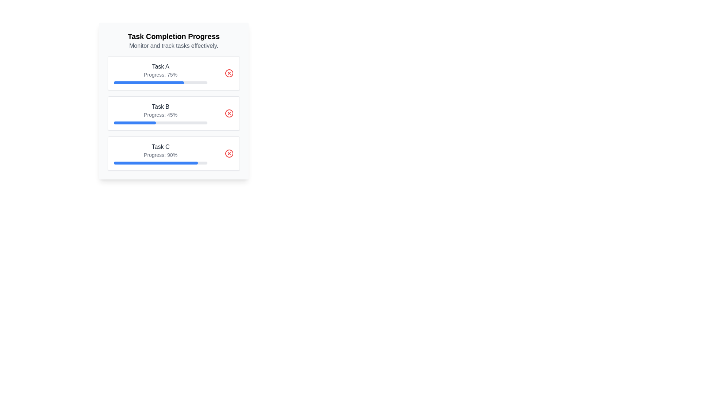 The height and width of the screenshot is (394, 701). I want to click on the Static text label displaying 'Progress: 75%' located below 'Task A' and above the graphical progress bar in the first task panel, so click(160, 74).